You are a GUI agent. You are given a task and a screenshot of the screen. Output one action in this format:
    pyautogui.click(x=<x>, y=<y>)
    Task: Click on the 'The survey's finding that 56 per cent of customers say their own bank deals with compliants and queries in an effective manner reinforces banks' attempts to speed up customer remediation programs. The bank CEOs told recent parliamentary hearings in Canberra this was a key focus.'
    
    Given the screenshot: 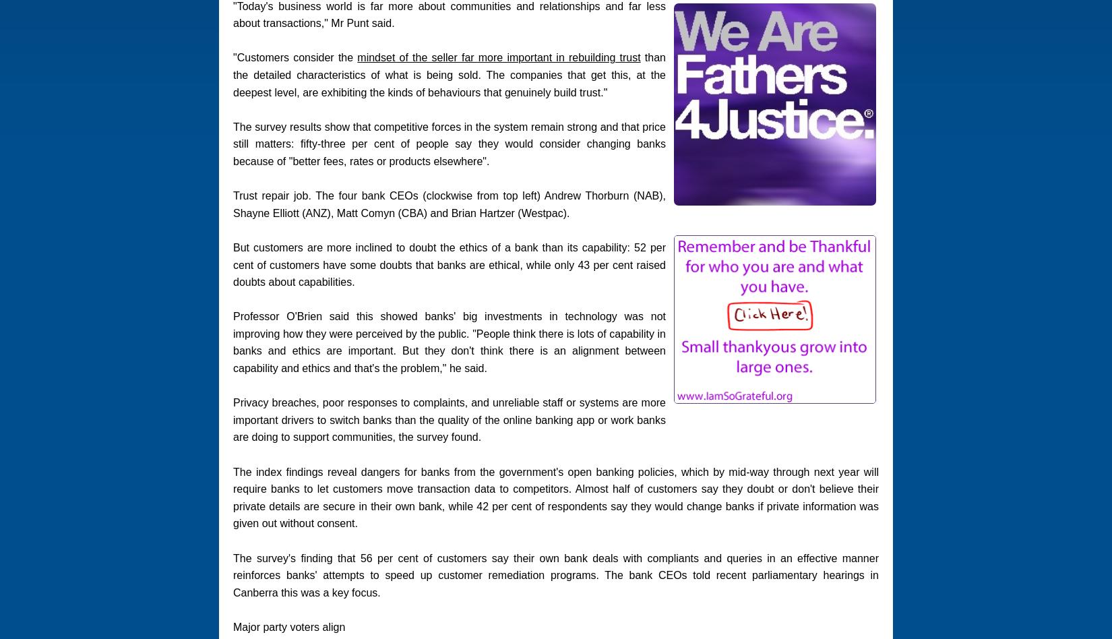 What is the action you would take?
    pyautogui.click(x=556, y=574)
    